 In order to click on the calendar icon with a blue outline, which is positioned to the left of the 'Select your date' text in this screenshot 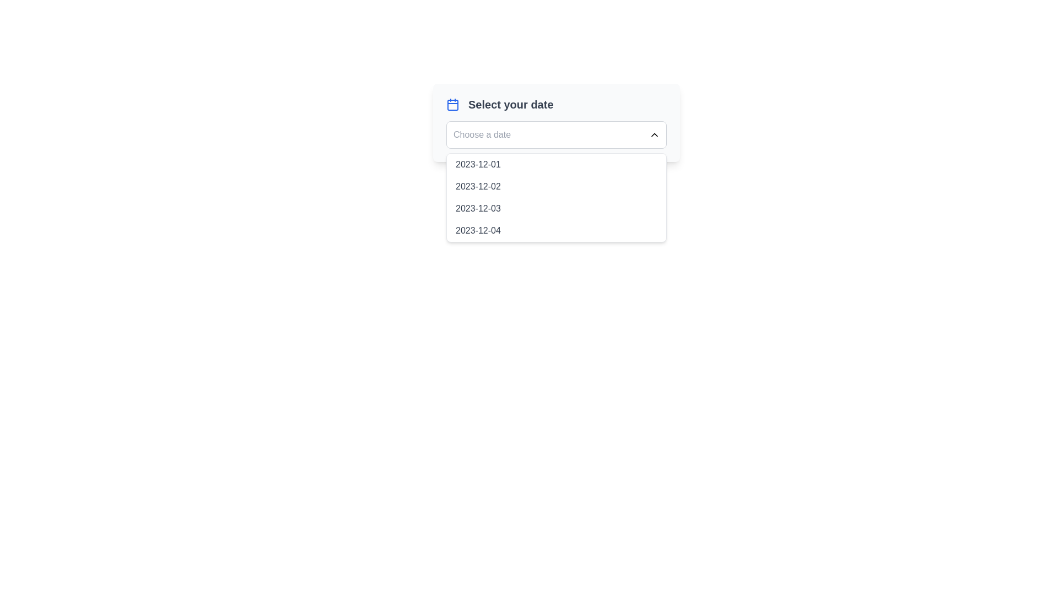, I will do `click(452, 104)`.